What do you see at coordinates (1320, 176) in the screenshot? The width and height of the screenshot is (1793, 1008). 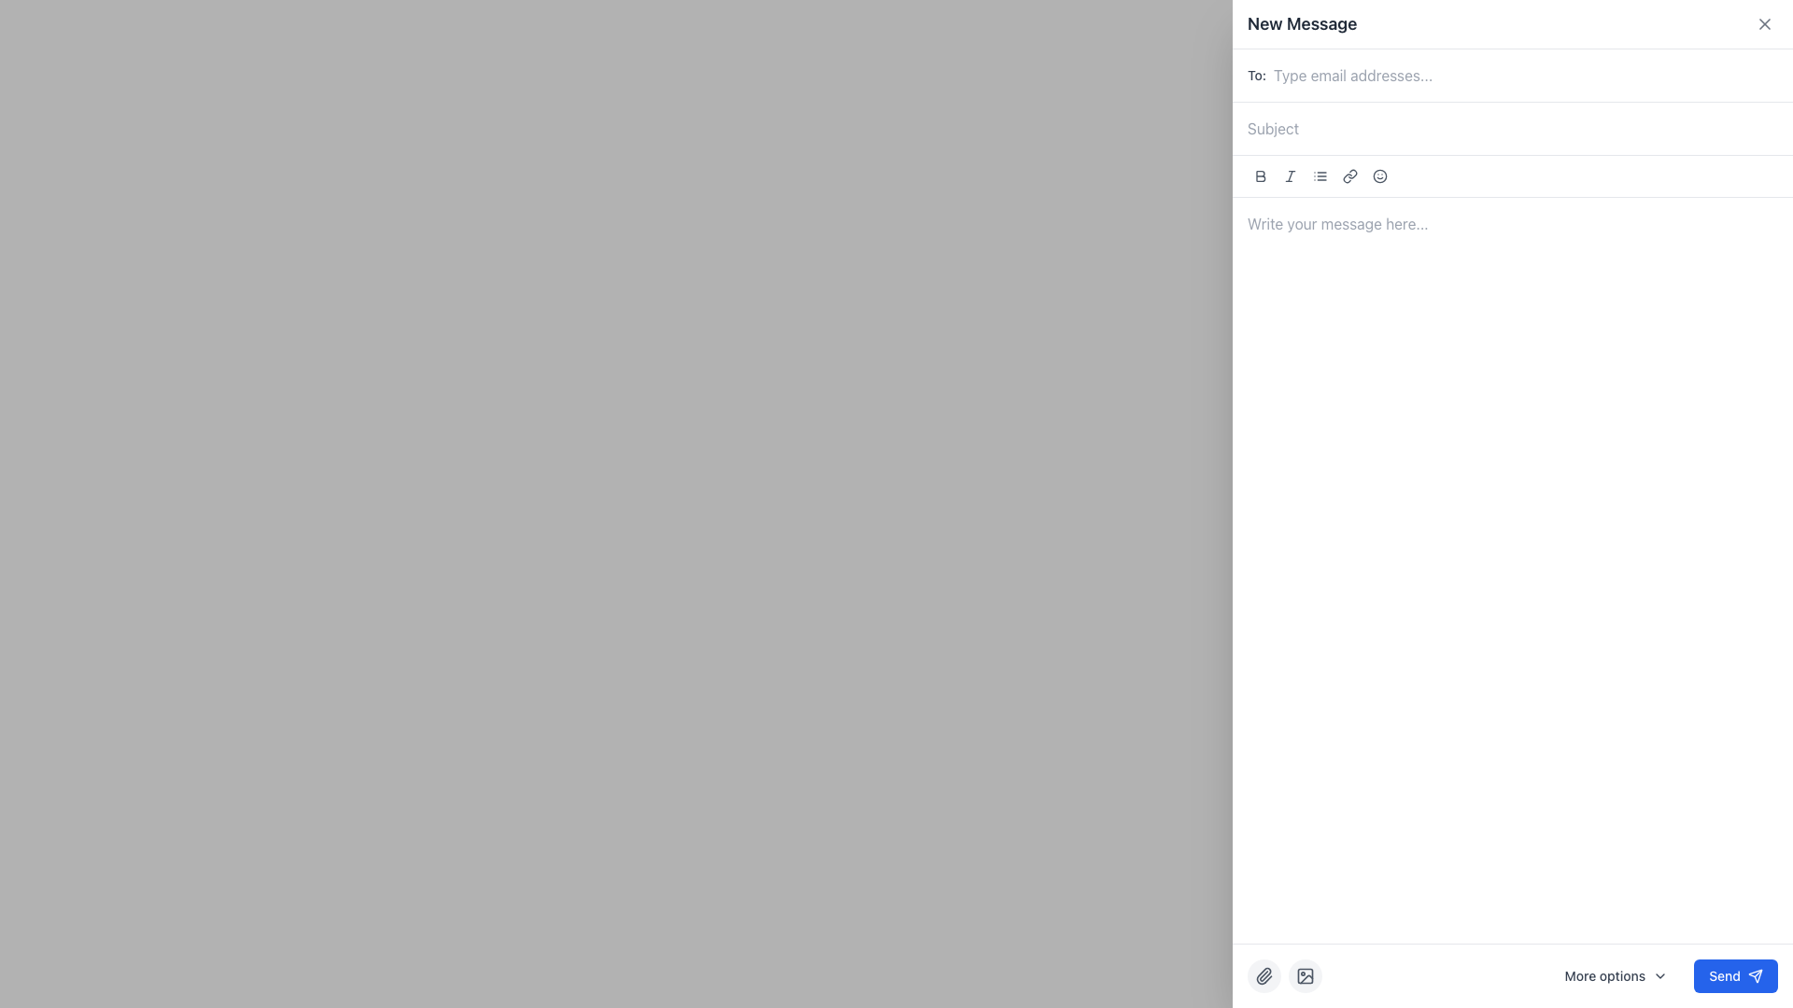 I see `the list mode icon located in the upper section of the input form, specifically in the toolbar above the message input field` at bounding box center [1320, 176].